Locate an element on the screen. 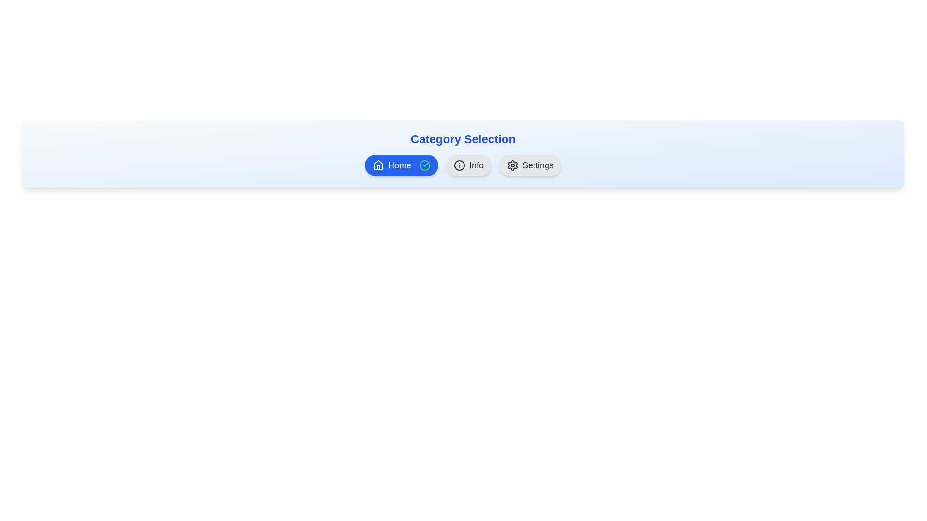  the 'Info' category chip to toggle its selection state is located at coordinates (468, 165).